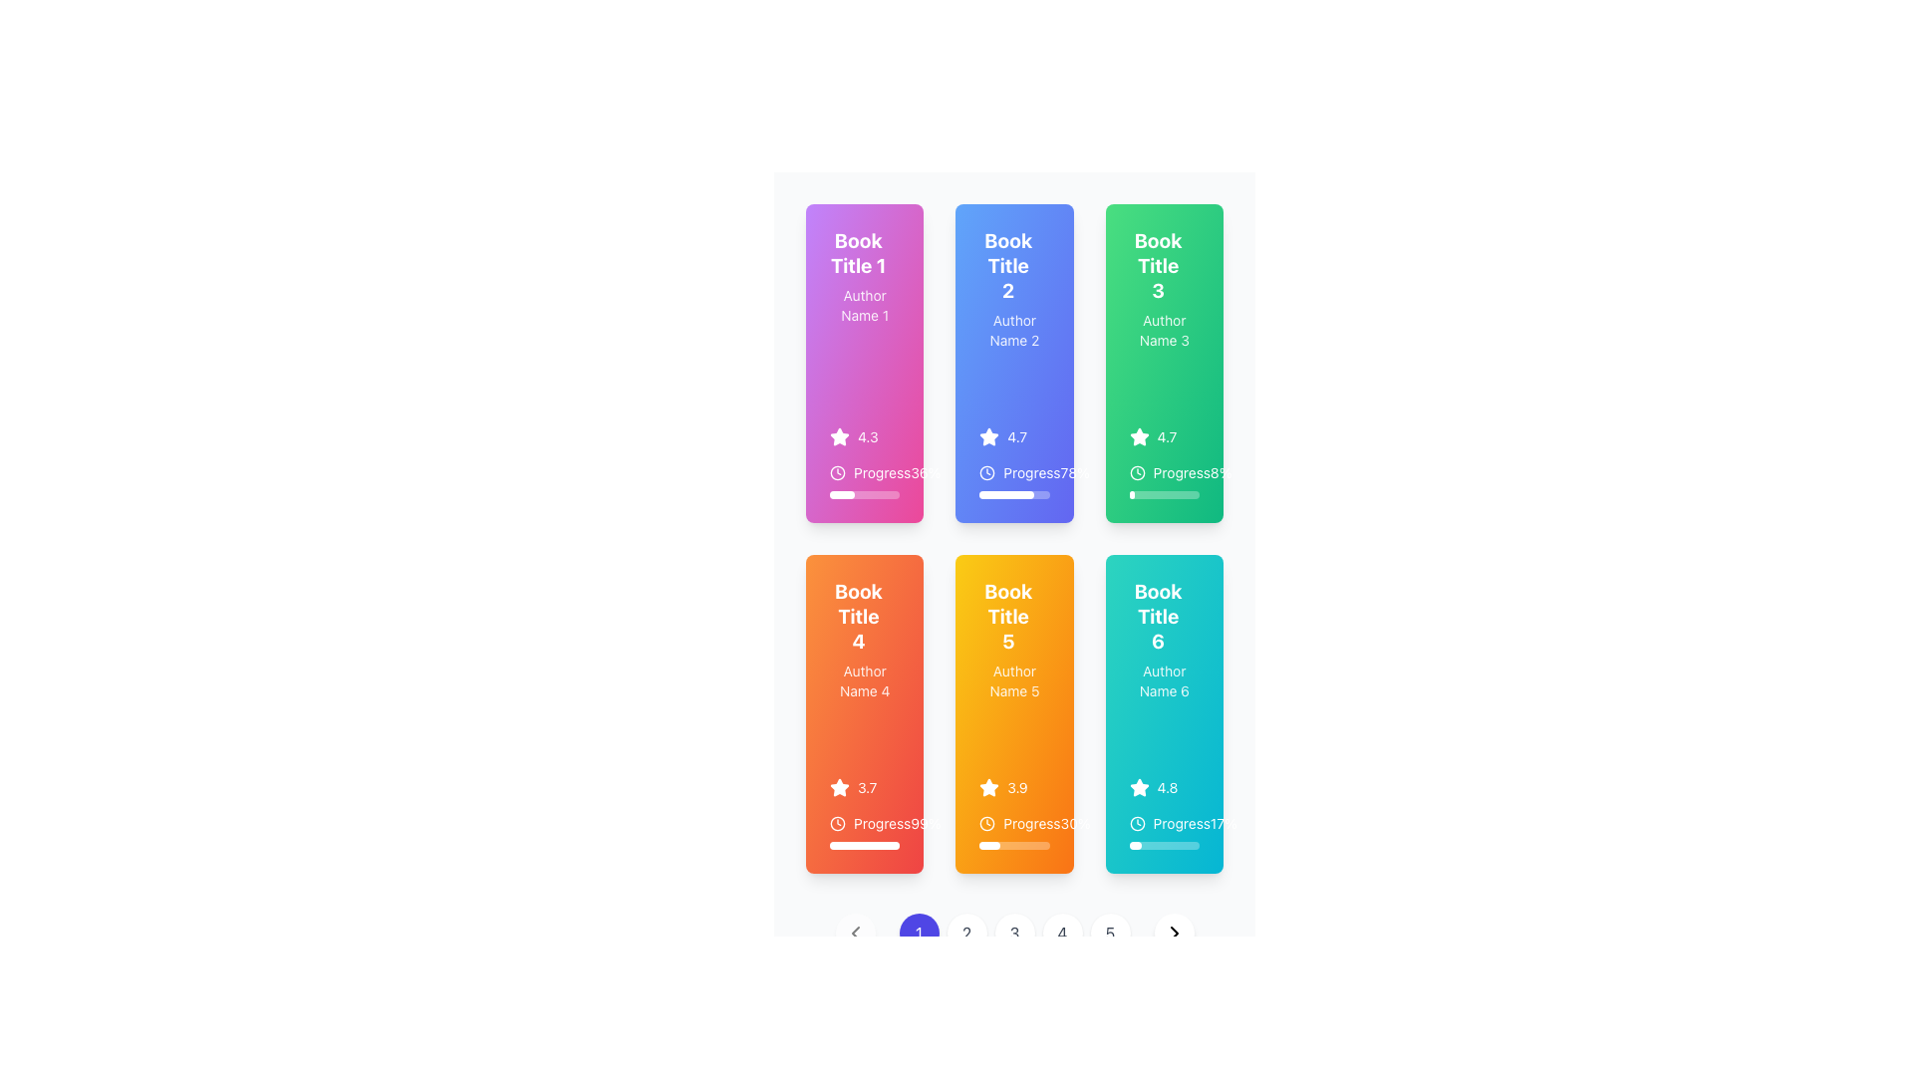 This screenshot has height=1076, width=1913. What do you see at coordinates (1137, 823) in the screenshot?
I see `the clock icon located within the 'Progress' text group under the 'Book Title 6' card in the lower right corner of the grid layout` at bounding box center [1137, 823].